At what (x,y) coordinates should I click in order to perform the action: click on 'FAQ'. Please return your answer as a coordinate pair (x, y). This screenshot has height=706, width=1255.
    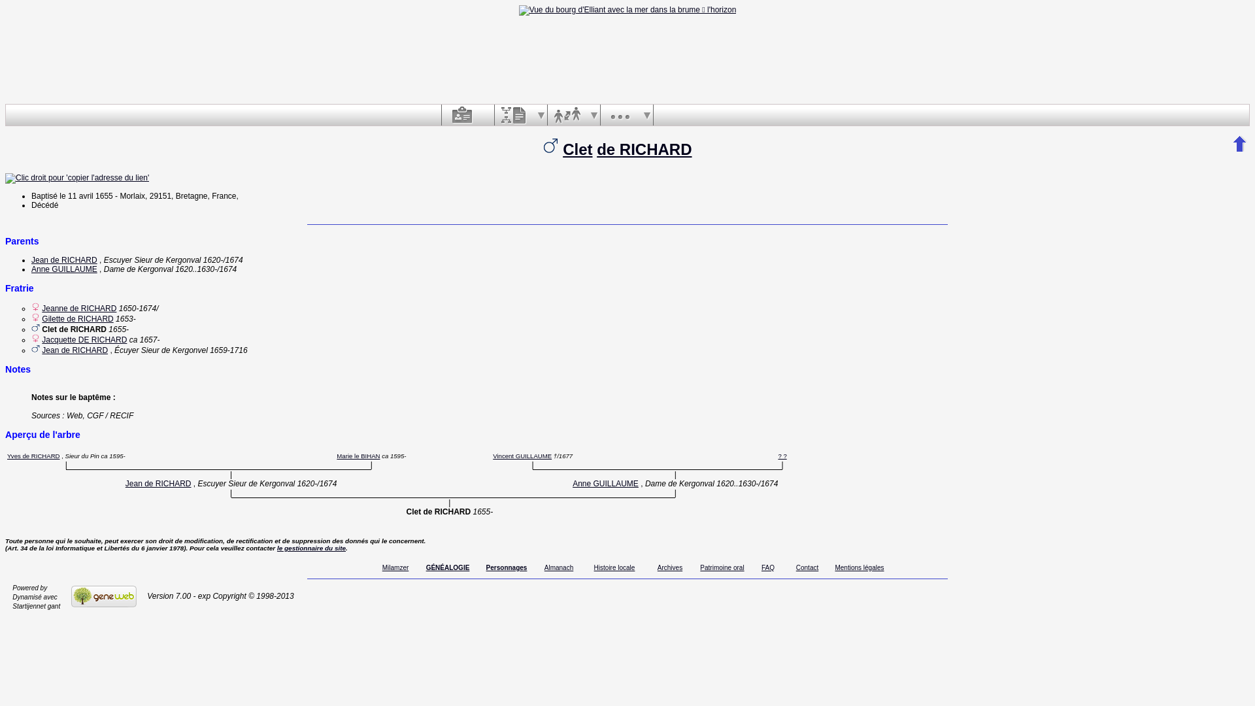
    Looking at the image, I should click on (761, 566).